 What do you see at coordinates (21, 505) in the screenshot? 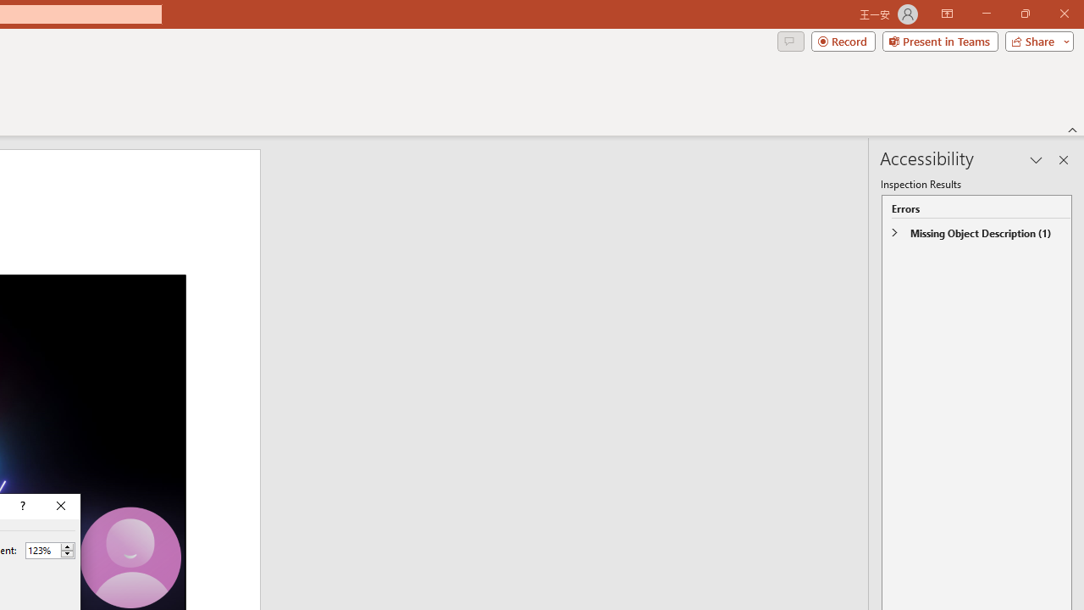
I see `'Context help'` at bounding box center [21, 505].